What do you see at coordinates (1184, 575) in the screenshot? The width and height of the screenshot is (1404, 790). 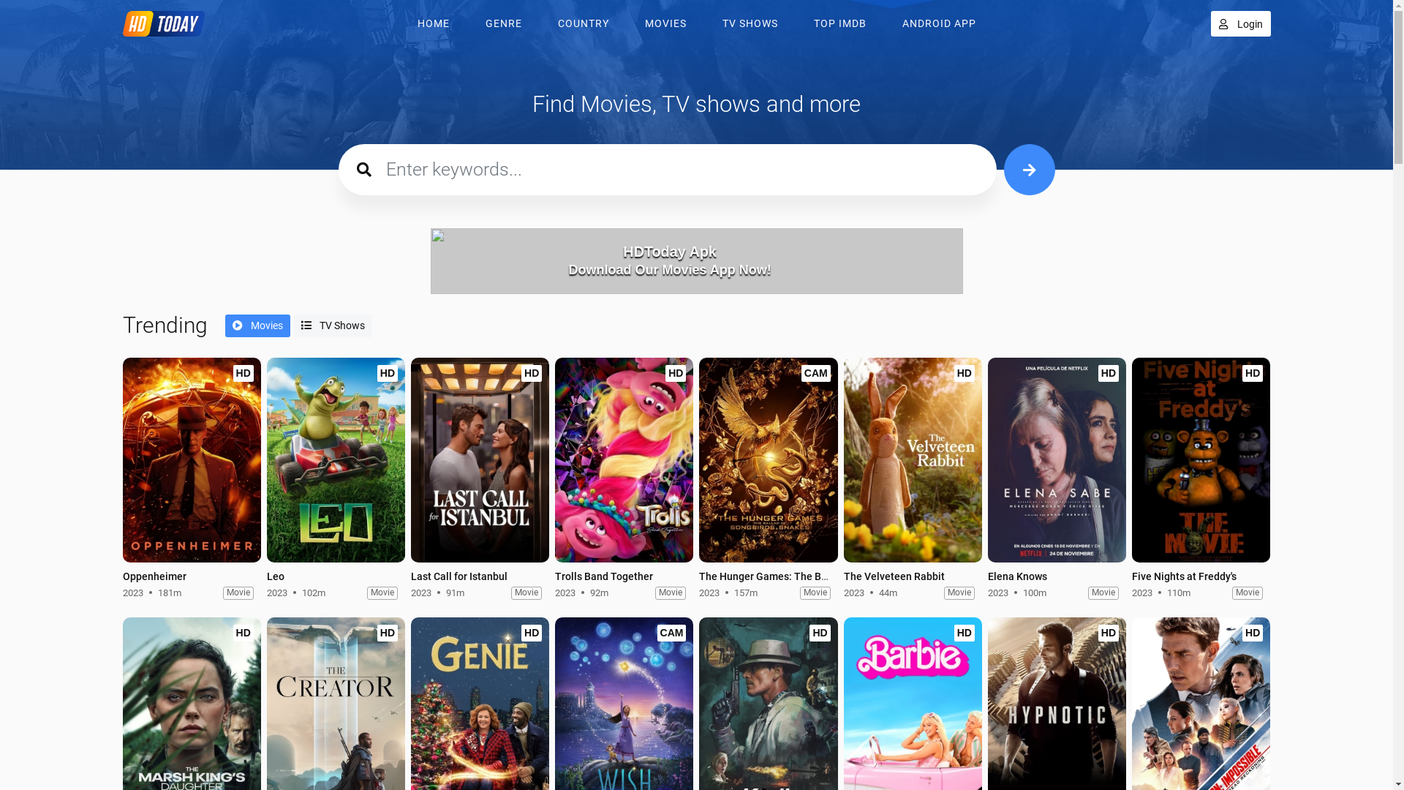 I see `'Five Nights at Freddy's'` at bounding box center [1184, 575].